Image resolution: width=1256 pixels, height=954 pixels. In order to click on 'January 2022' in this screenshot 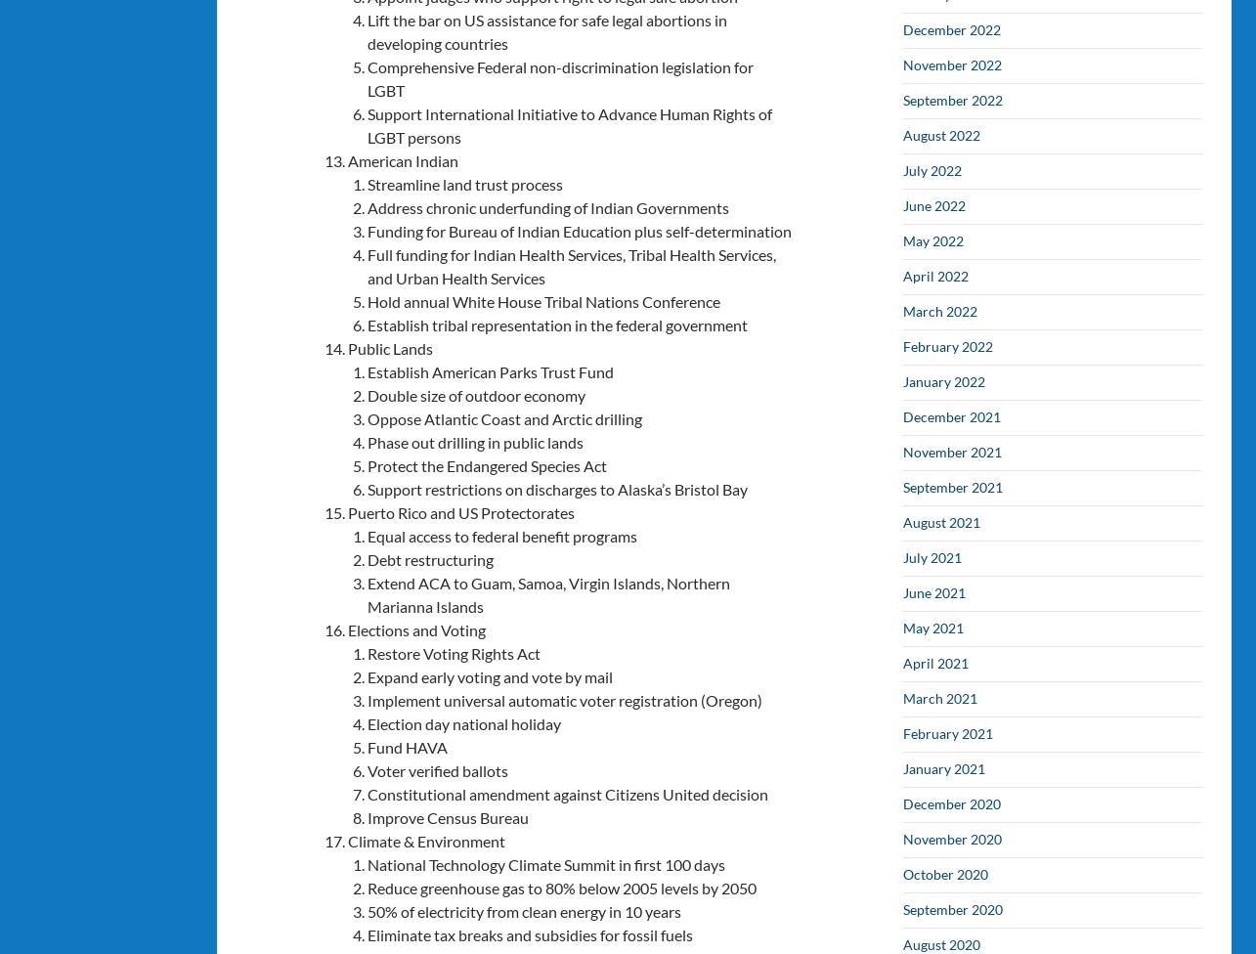, I will do `click(944, 380)`.